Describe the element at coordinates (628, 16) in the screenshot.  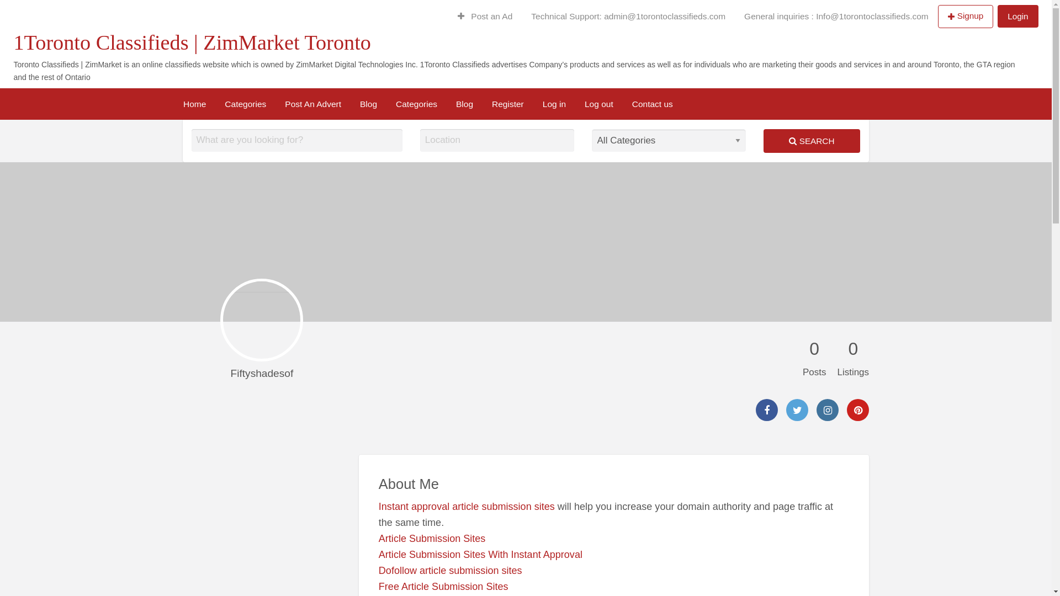
I see `'Technical Support: admin@1torontoclassifieds.com'` at that location.